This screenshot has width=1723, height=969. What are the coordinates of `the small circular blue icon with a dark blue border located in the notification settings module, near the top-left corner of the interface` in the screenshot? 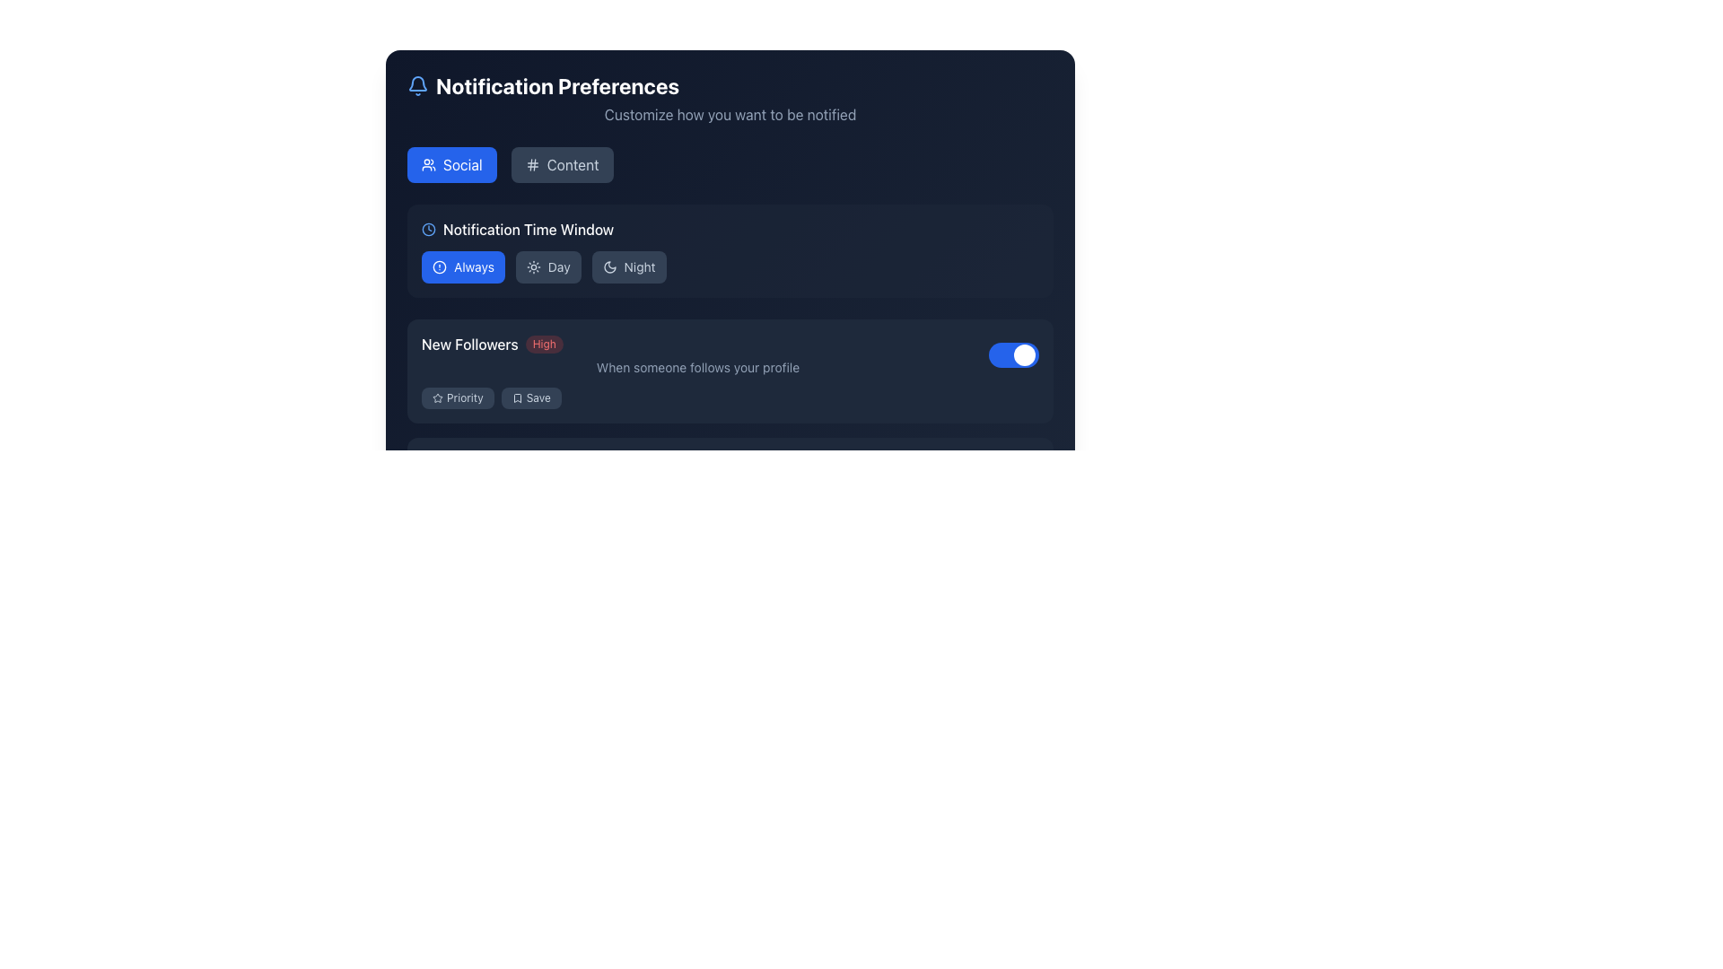 It's located at (439, 266).